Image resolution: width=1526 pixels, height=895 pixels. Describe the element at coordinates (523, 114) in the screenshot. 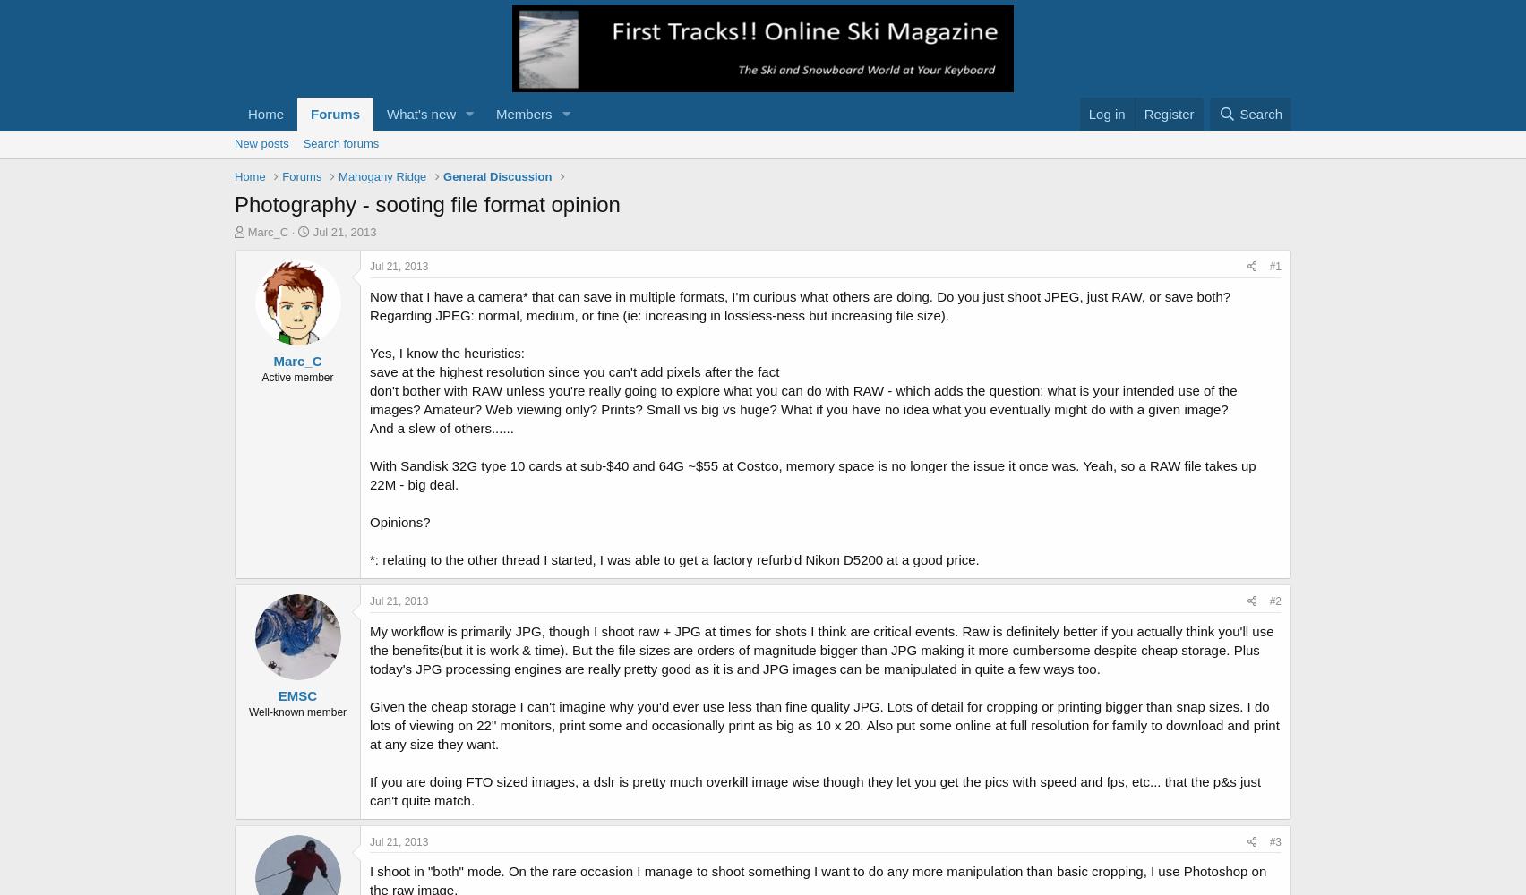

I see `'Members'` at that location.